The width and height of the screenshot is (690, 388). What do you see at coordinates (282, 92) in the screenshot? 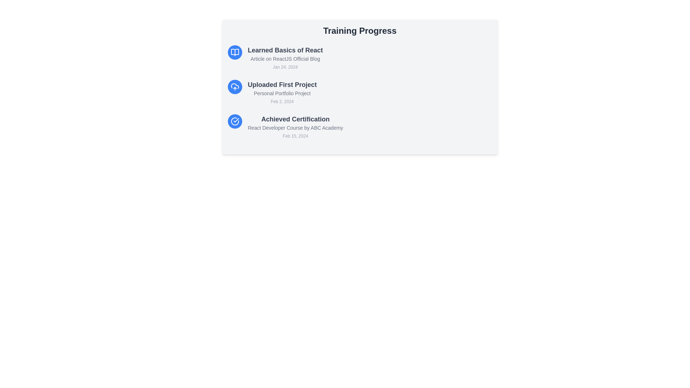
I see `detailed information provided by the second entry in the vertical list of activities, which includes the title, subtitle, and timestamp` at bounding box center [282, 92].